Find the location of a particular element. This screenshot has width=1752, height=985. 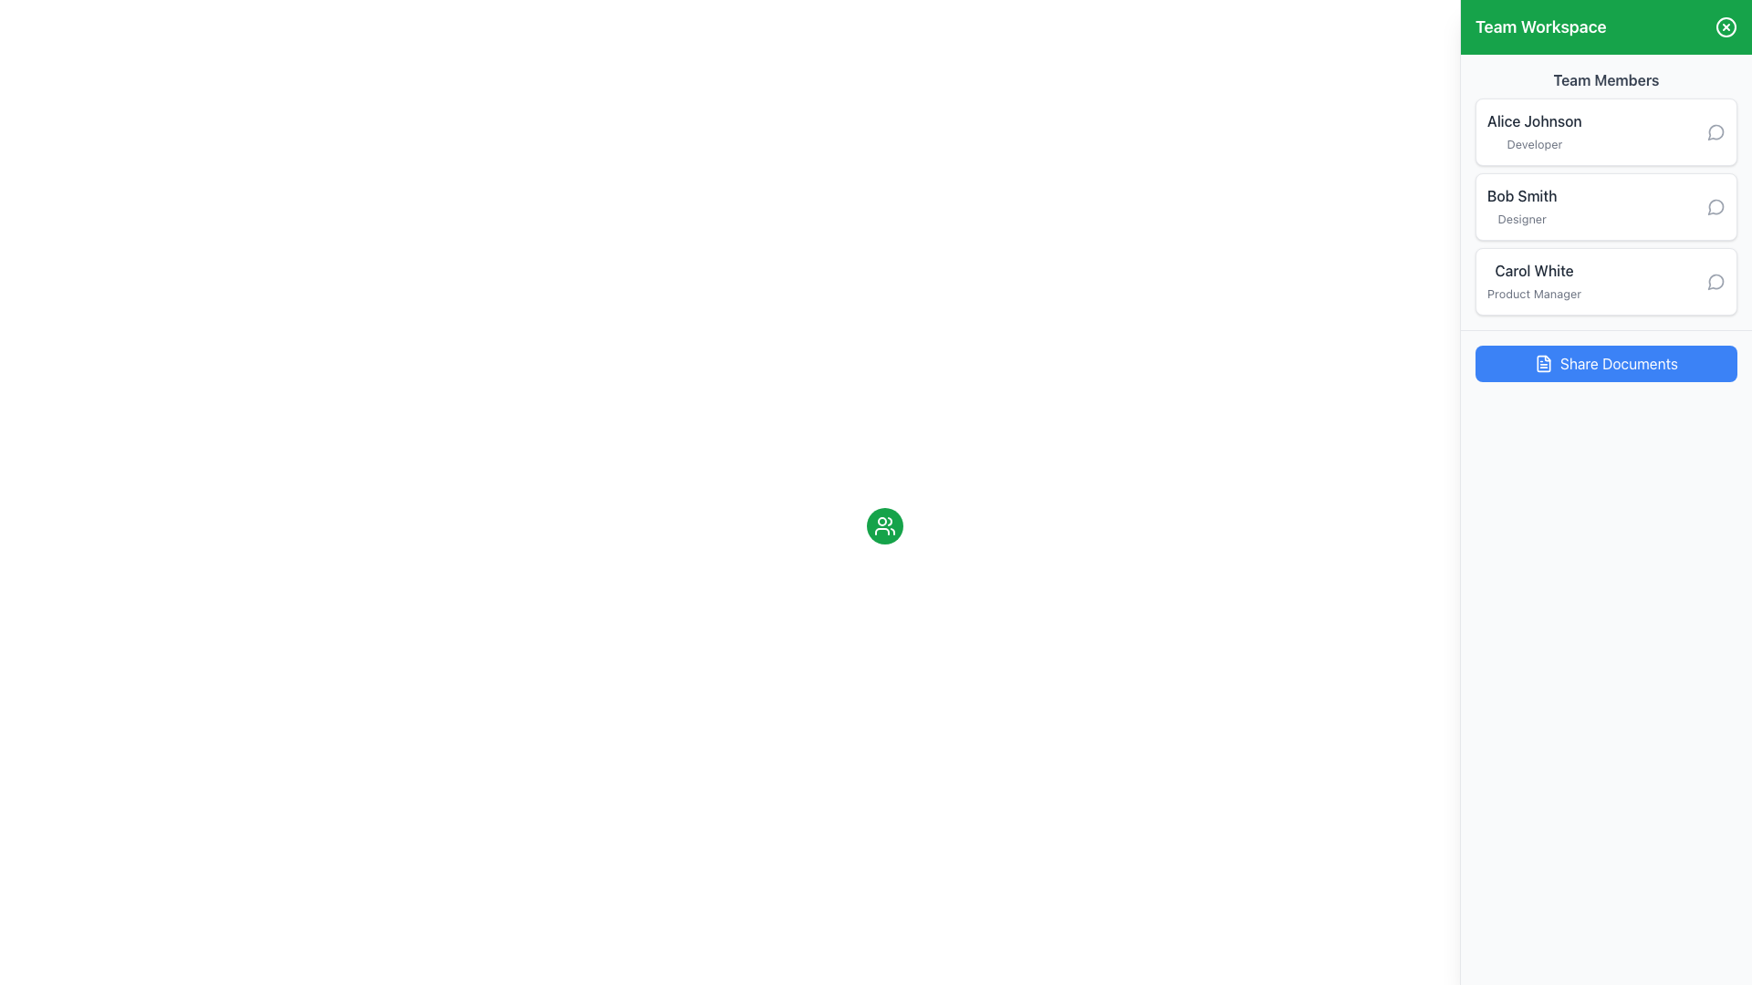

the messaging icon located in the right-hand panel under 'Team Workspace', adjacent to the name 'Carol White', which is the right-most icon in its row is located at coordinates (1715, 281).